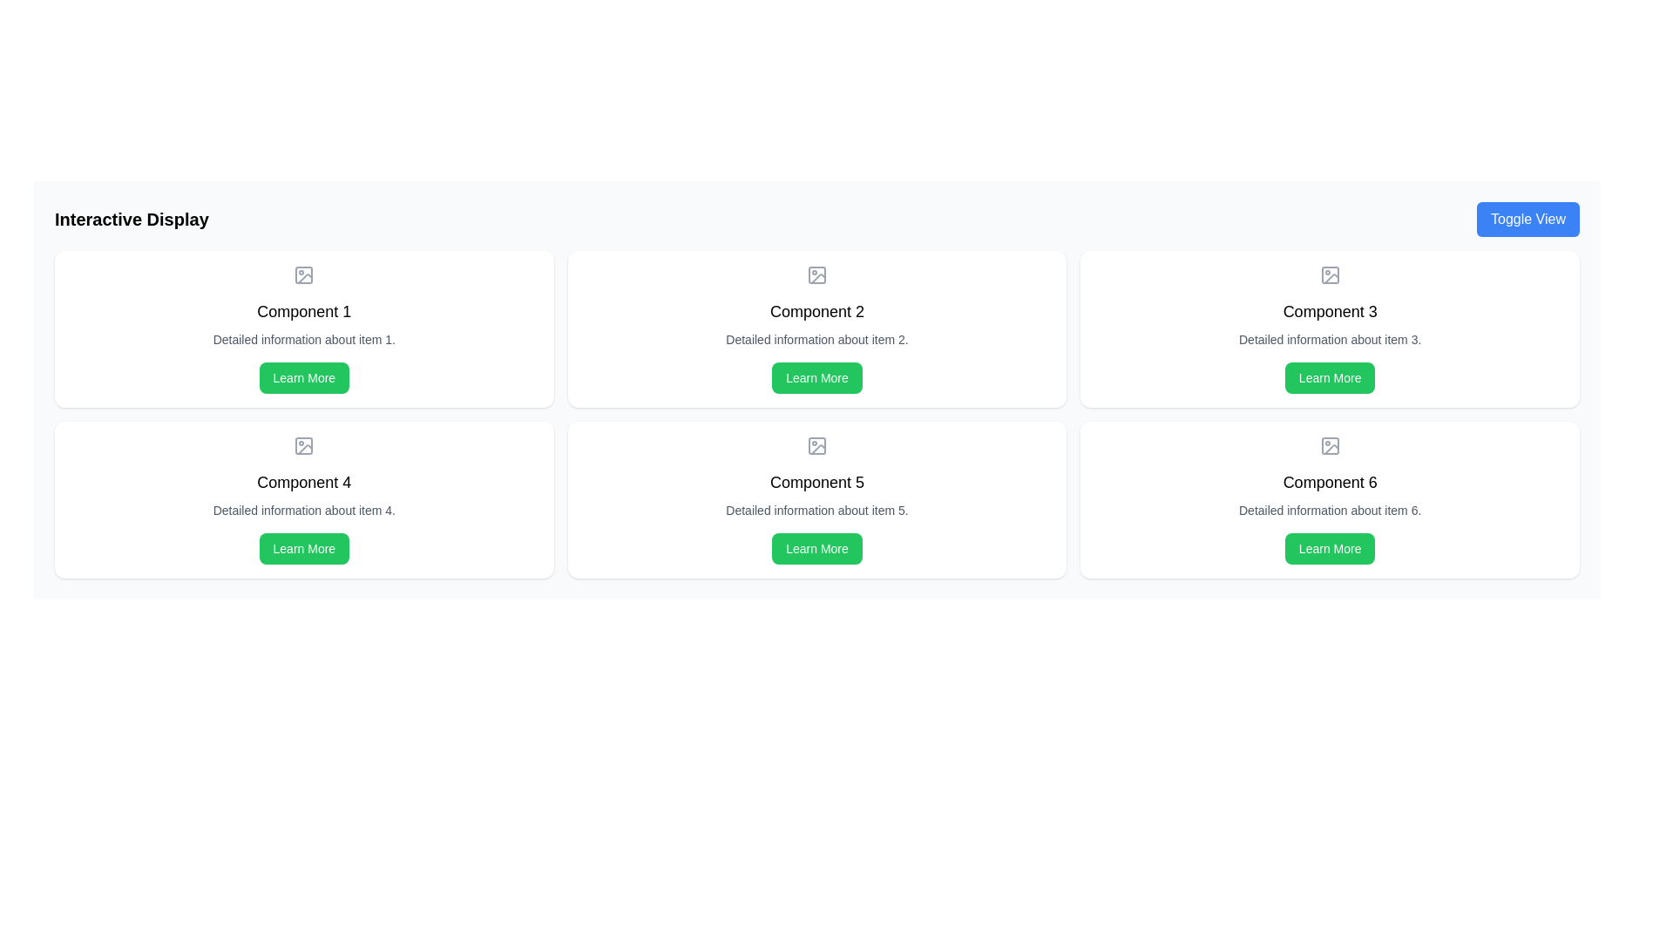  Describe the element at coordinates (1329, 274) in the screenshot. I see `the icon that represents a visual image within the card labeled 'Component 3', which is positioned at the top center of the card, above the text 'Component 3' and 'Detailed information about item 3'` at that location.